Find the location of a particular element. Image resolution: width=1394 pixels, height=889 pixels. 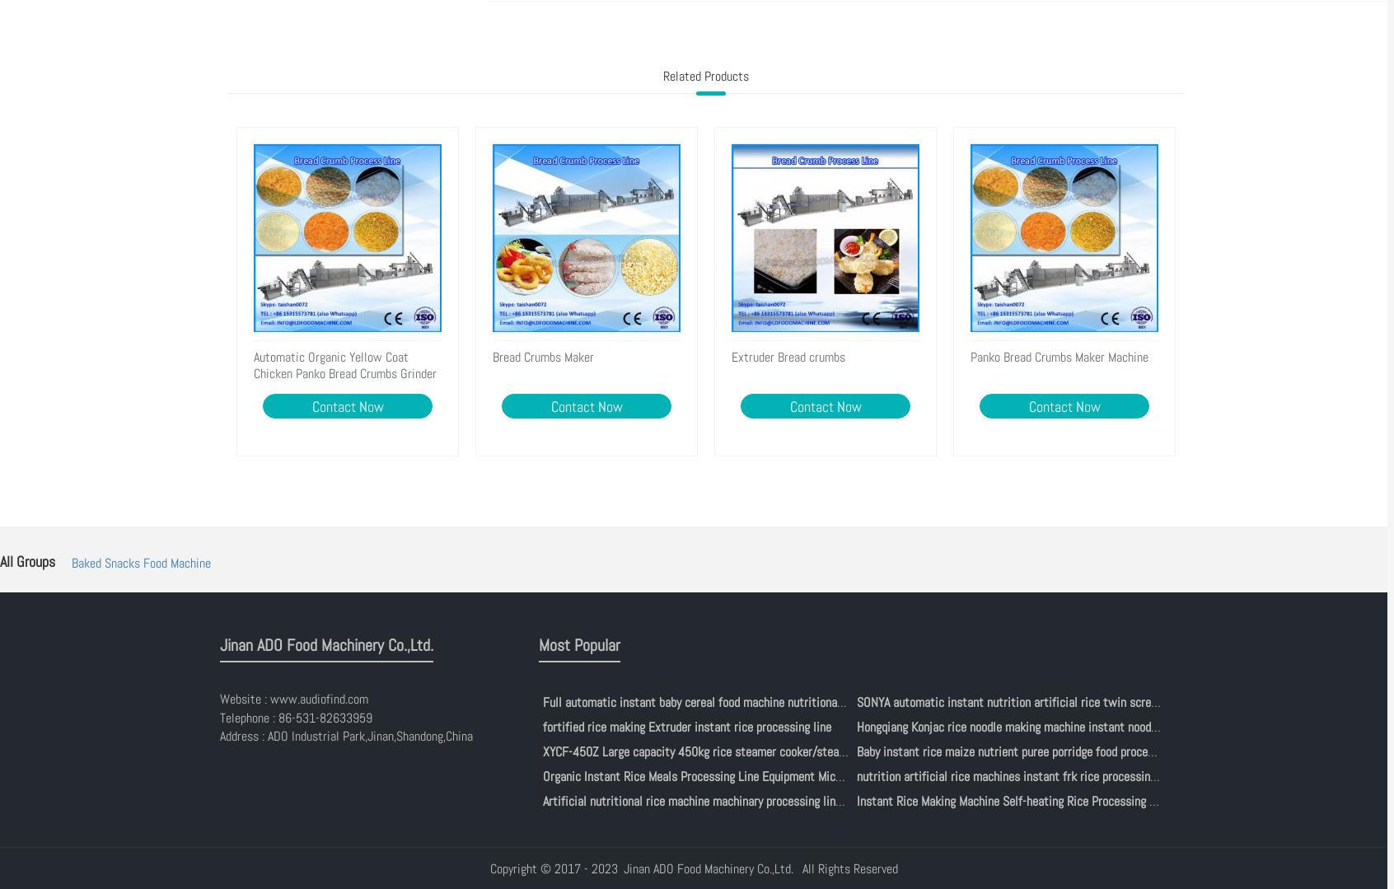

'fortified rice making Extruder instant rice processing line' is located at coordinates (685, 725).